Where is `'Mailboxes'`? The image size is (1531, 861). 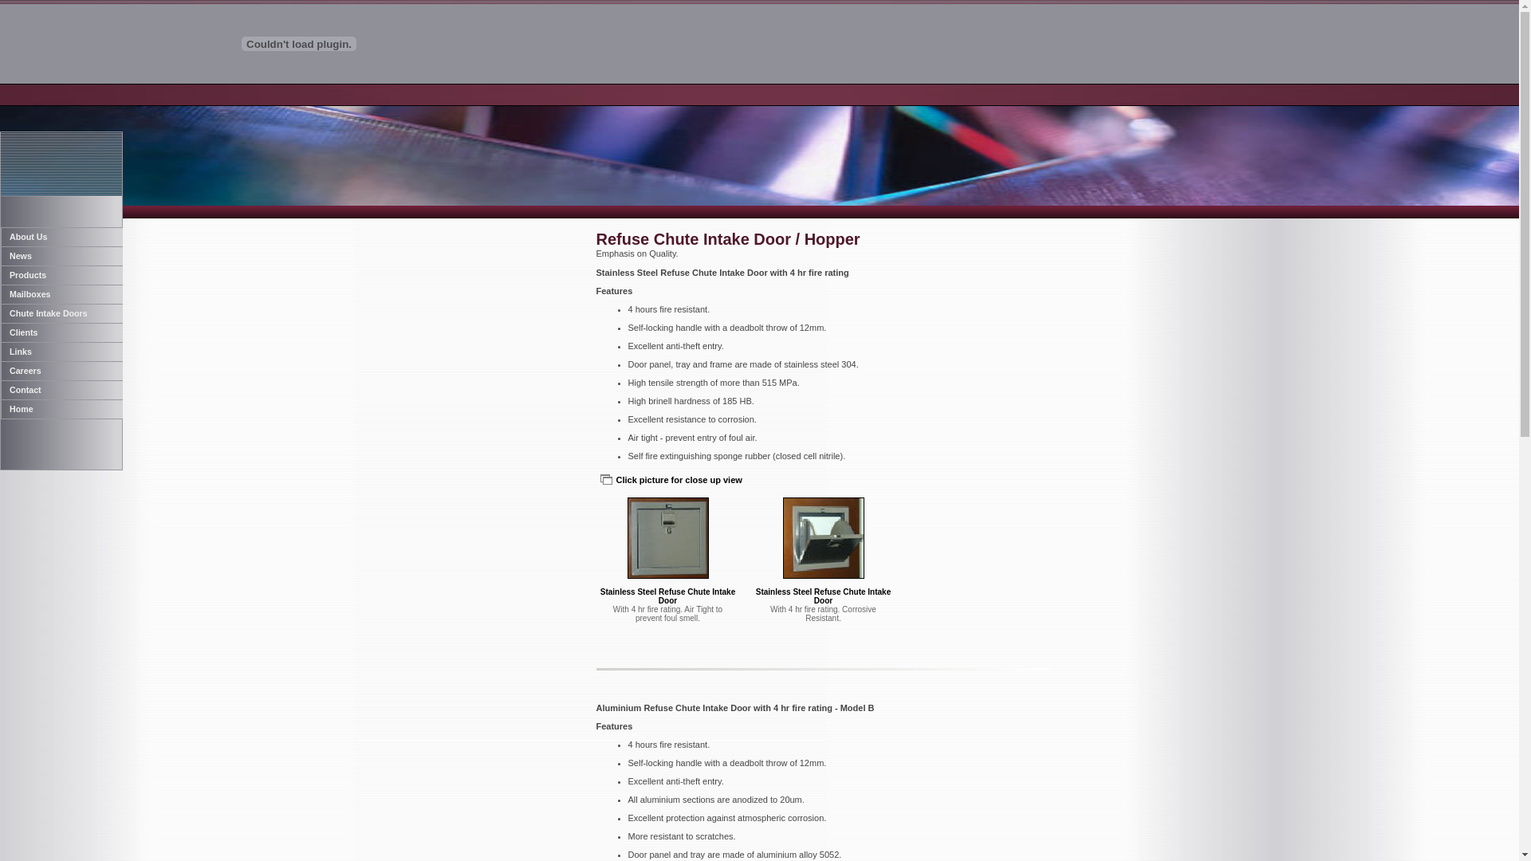 'Mailboxes' is located at coordinates (0, 294).